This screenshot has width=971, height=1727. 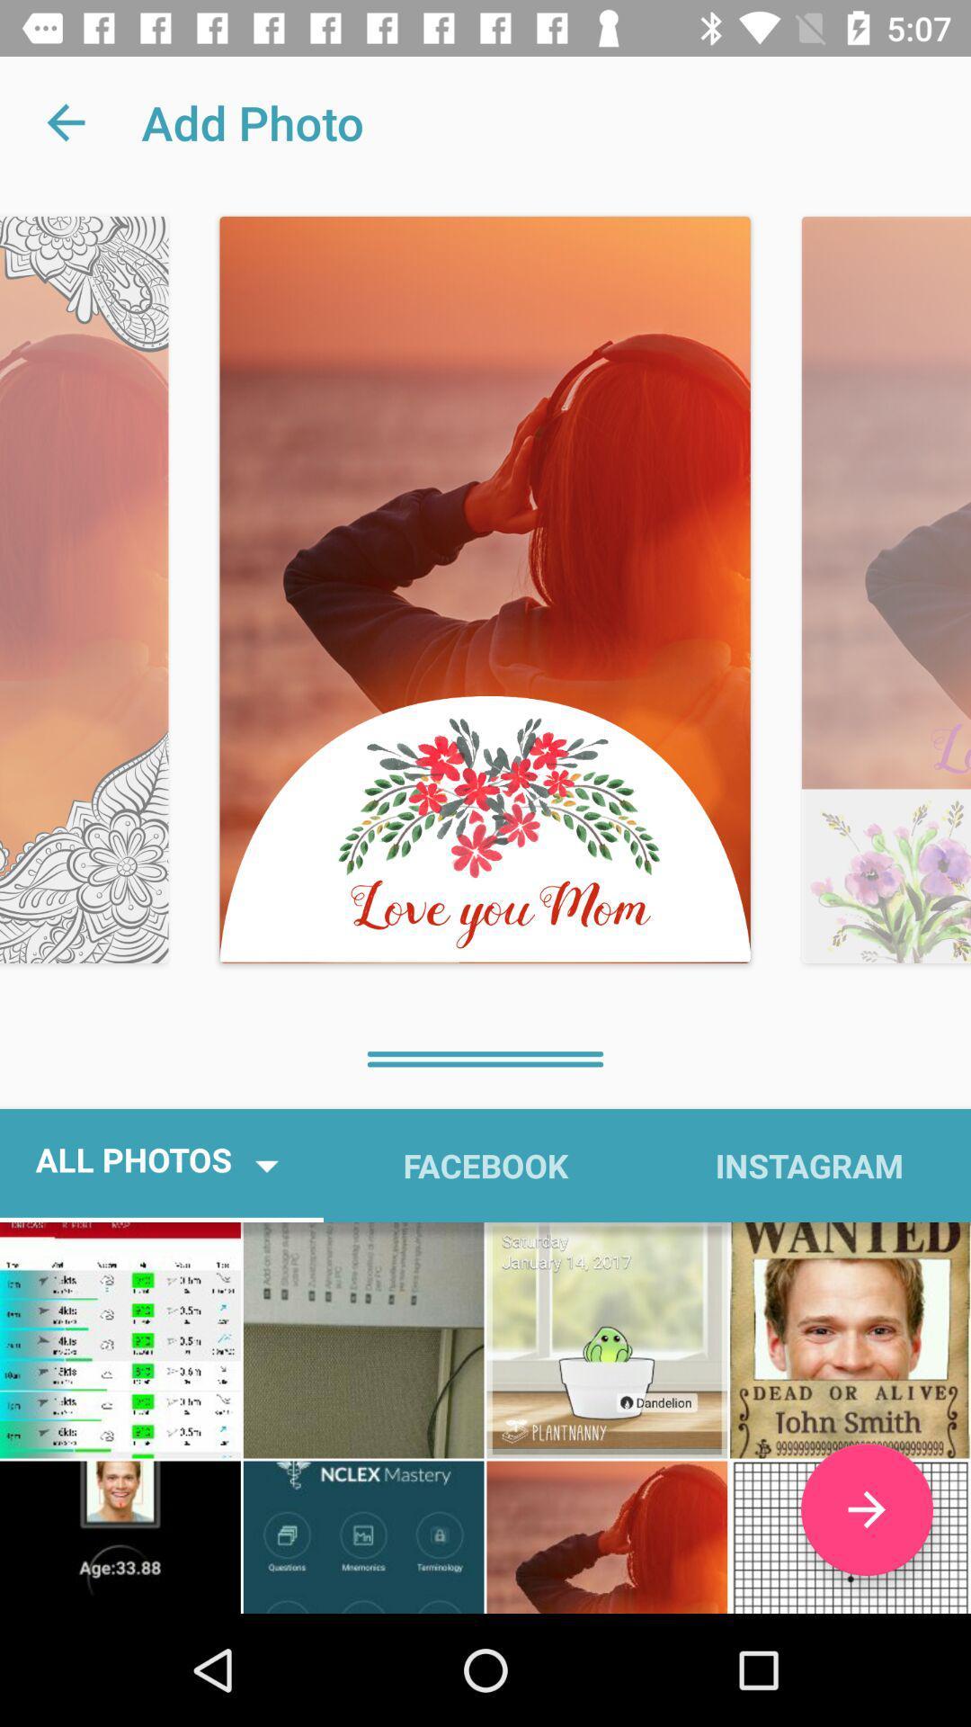 What do you see at coordinates (65, 121) in the screenshot?
I see `app next to add photo icon` at bounding box center [65, 121].